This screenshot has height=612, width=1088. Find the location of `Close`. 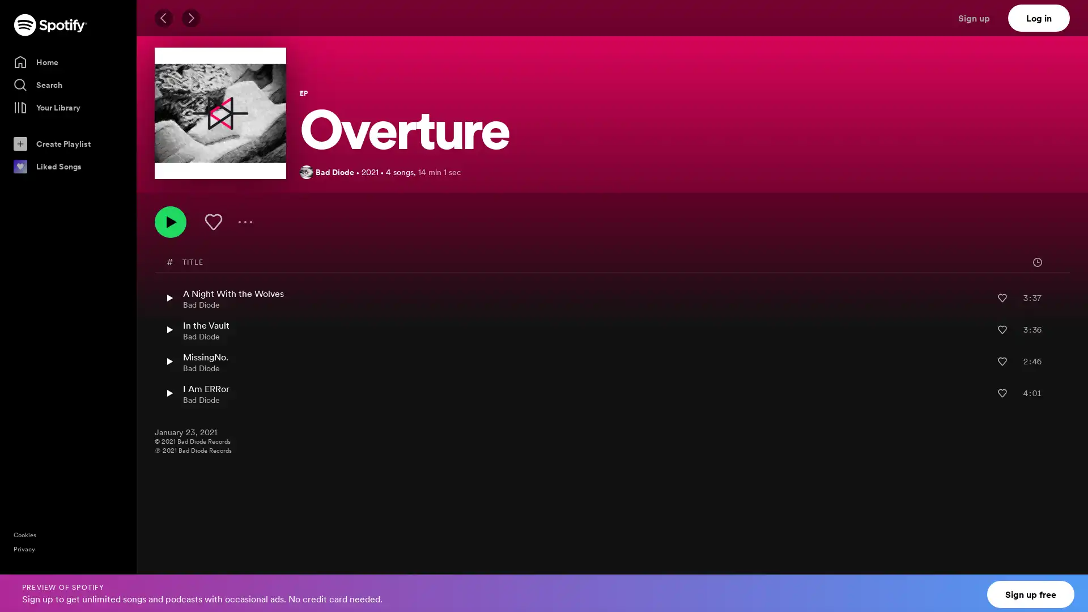

Close is located at coordinates (1069, 586).